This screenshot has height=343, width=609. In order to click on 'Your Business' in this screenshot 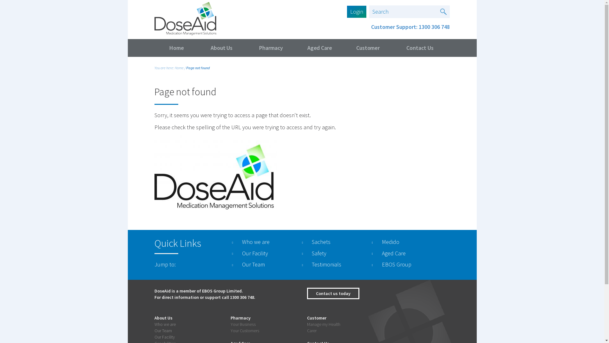, I will do `click(243, 324)`.